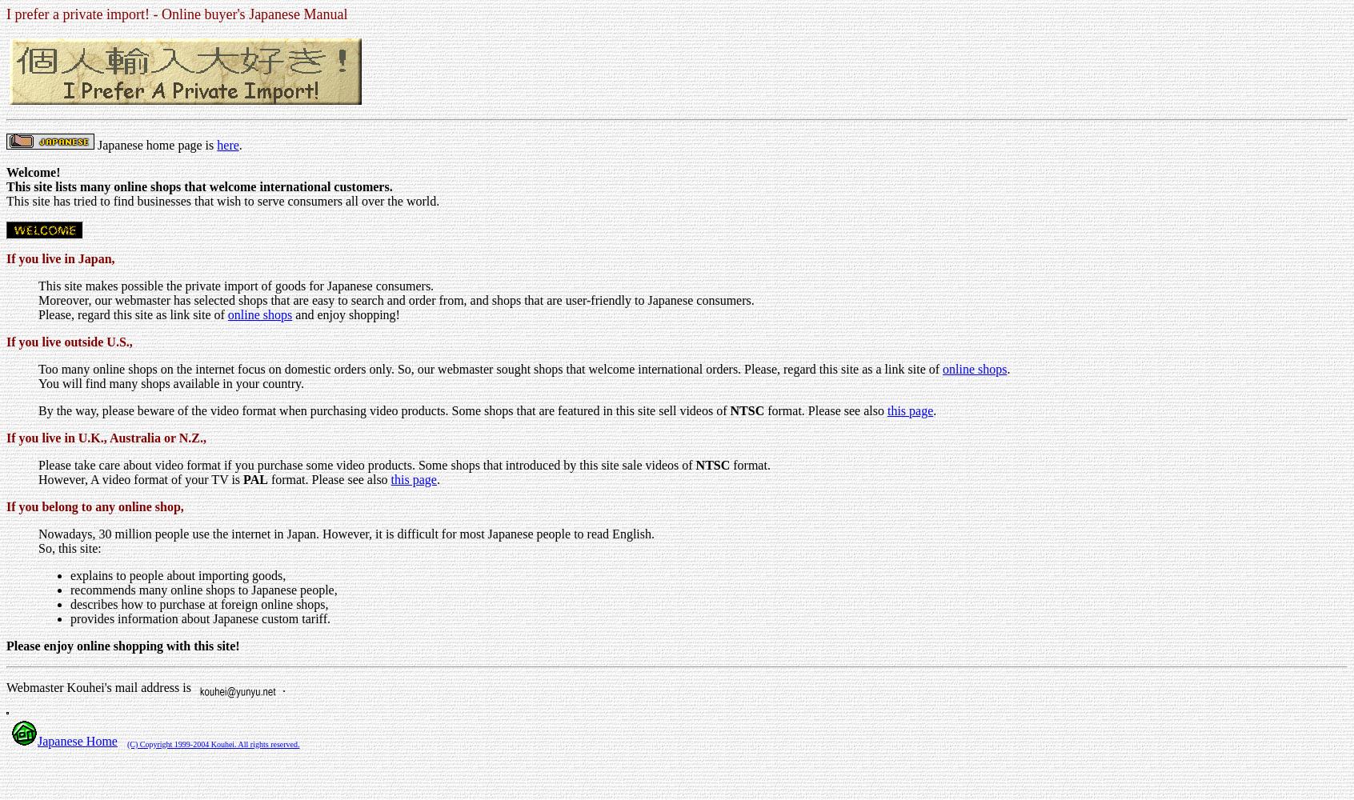 The height and width of the screenshot is (800, 1354). I want to click on 'So, this site:', so click(69, 548).